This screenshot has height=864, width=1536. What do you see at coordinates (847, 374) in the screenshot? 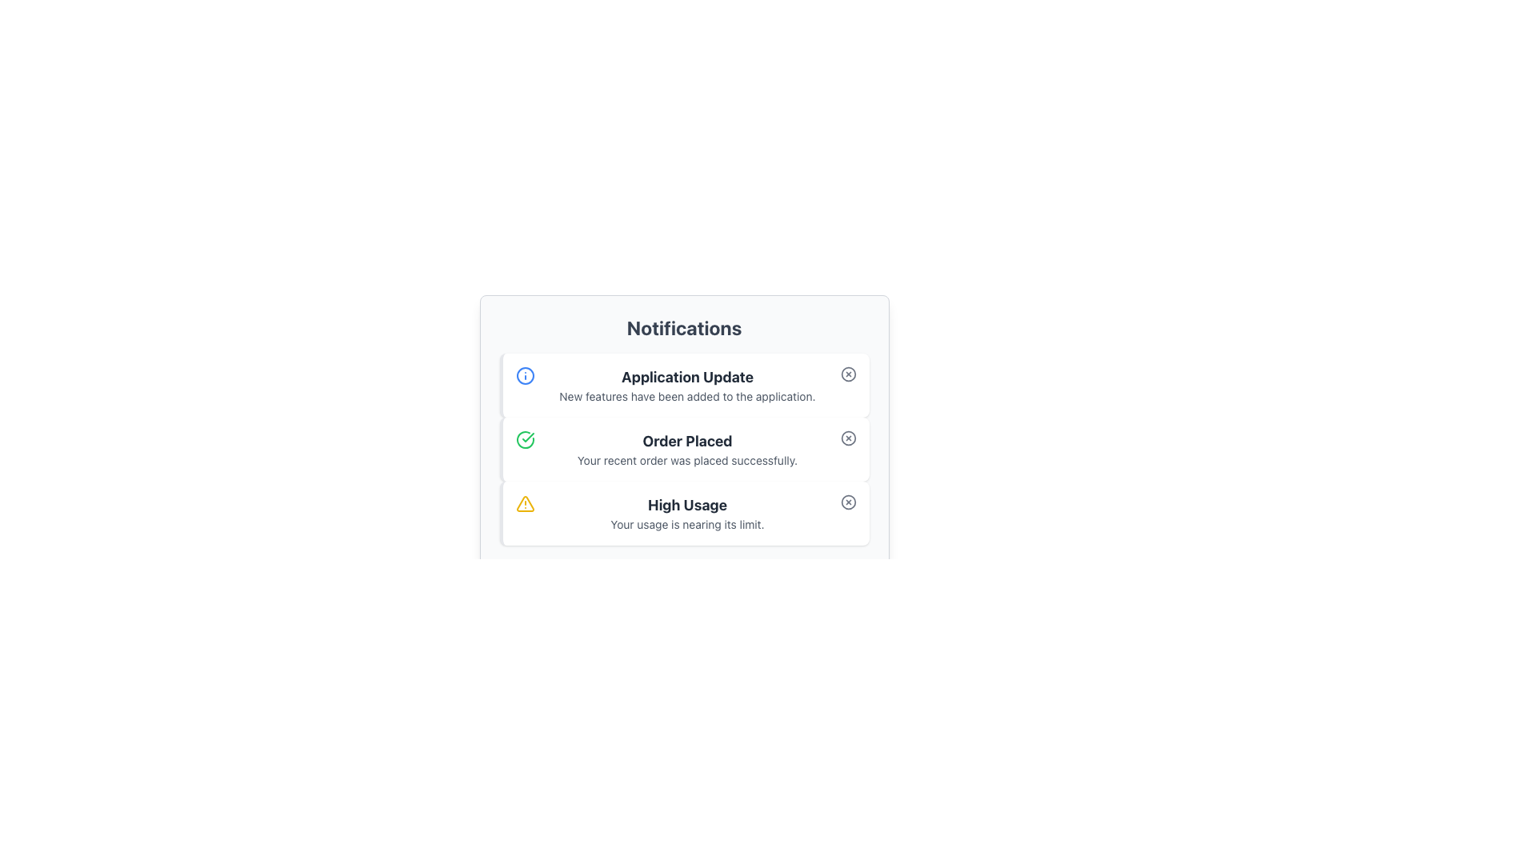
I see `the close icon button in the top-right corner of the 'Application Update' notification card` at bounding box center [847, 374].